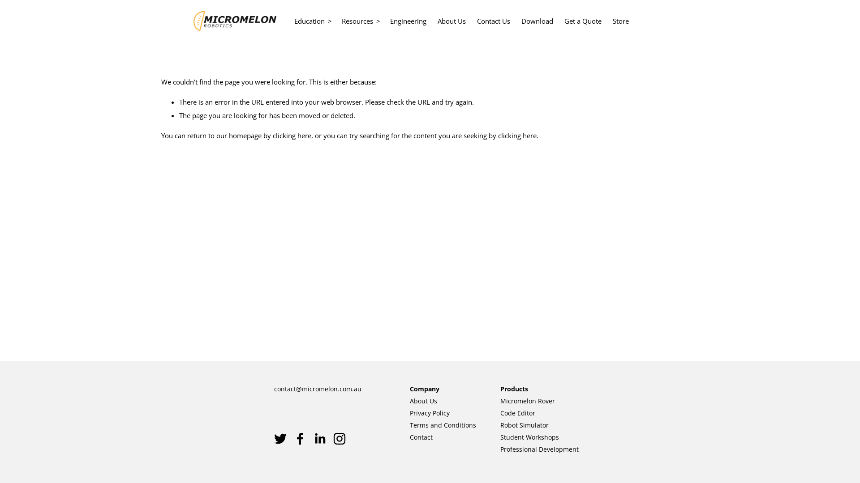 This screenshot has height=483, width=860. Describe the element at coordinates (313, 21) in the screenshot. I see `'Education'` at that location.